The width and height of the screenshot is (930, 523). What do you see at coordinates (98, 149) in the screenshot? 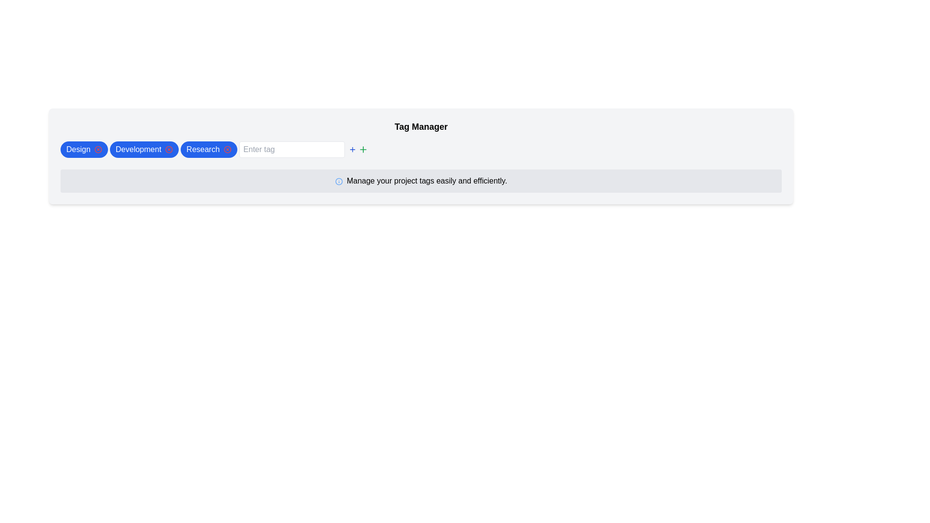
I see `the close or delete icon located within the 'Design' tag in the tag manager interface` at bounding box center [98, 149].